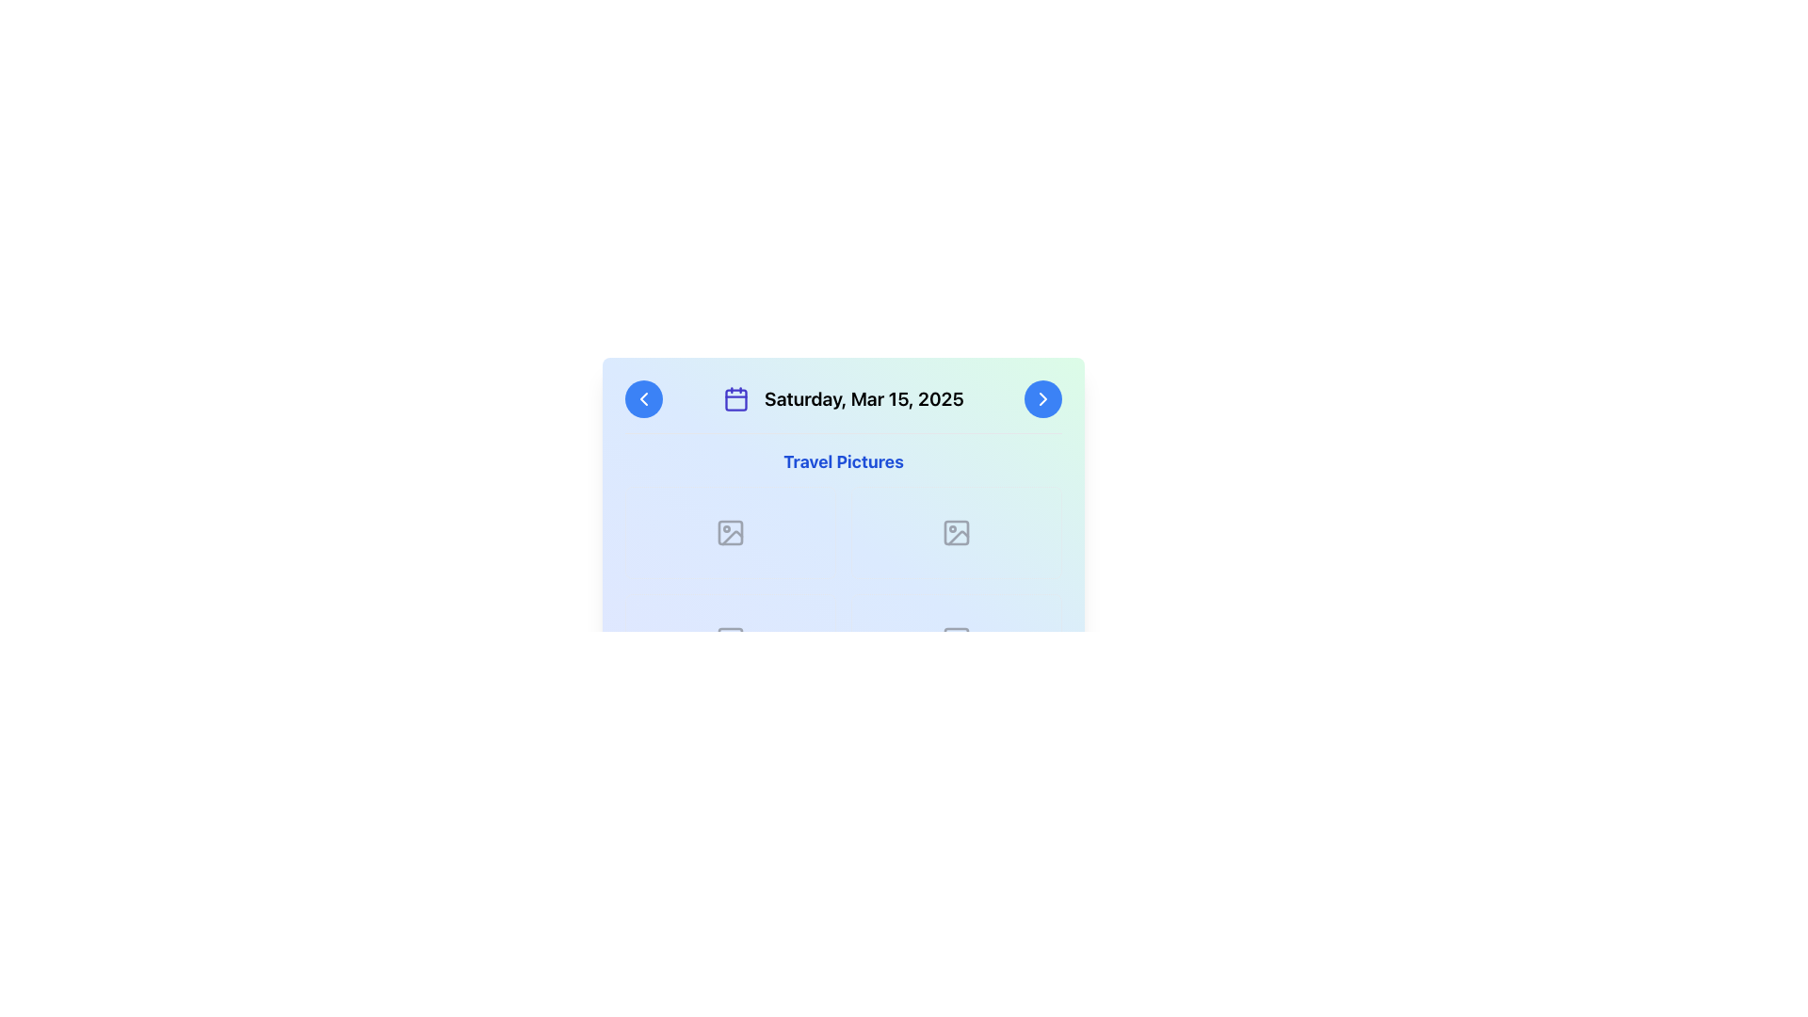 Image resolution: width=1808 pixels, height=1017 pixels. What do you see at coordinates (644, 398) in the screenshot?
I see `the circular blue button with a white left arrow located at the top-left corner of the horizontal bar displaying the date 'Saturday, Mar 15, 2025'` at bounding box center [644, 398].